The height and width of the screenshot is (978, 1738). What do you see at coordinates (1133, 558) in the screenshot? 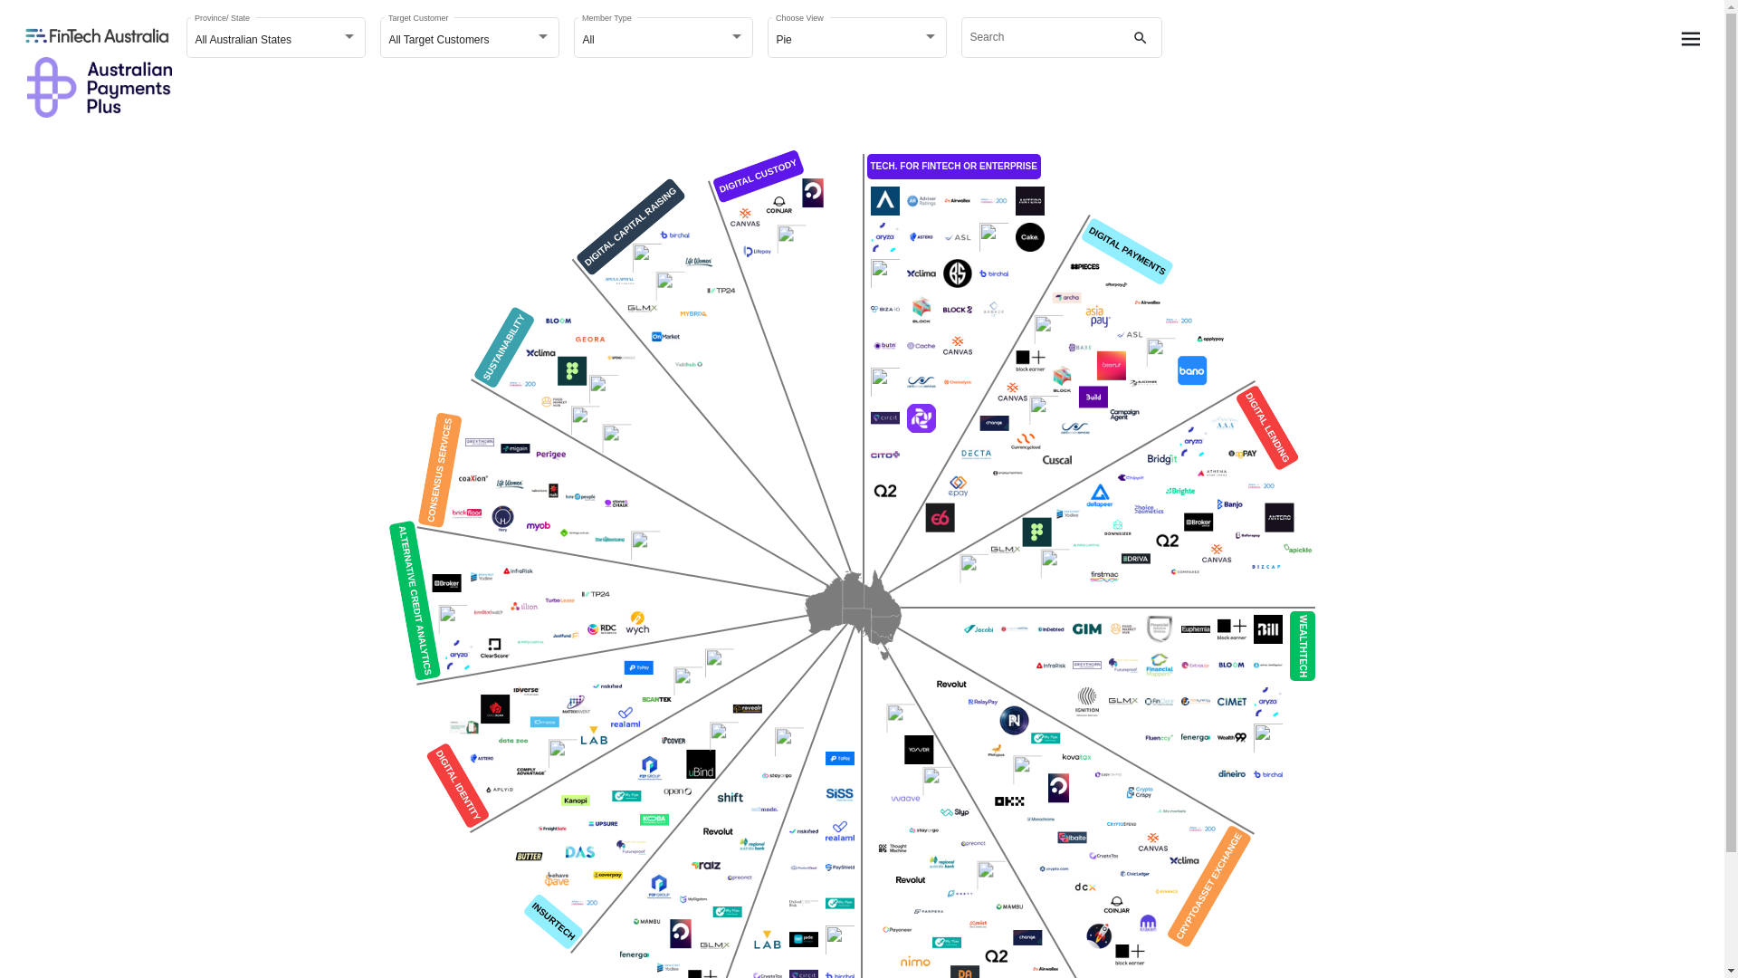
I see `'Driva Pty Ltd'` at bounding box center [1133, 558].